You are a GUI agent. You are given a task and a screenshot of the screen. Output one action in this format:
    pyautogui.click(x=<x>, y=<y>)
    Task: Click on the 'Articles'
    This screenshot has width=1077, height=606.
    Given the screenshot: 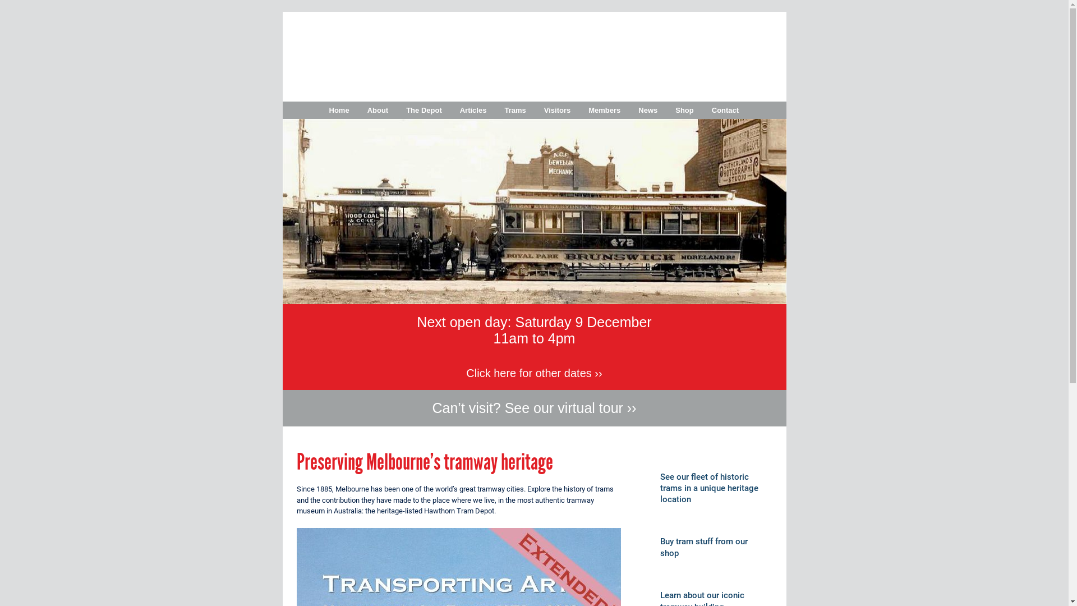 What is the action you would take?
    pyautogui.click(x=473, y=110)
    